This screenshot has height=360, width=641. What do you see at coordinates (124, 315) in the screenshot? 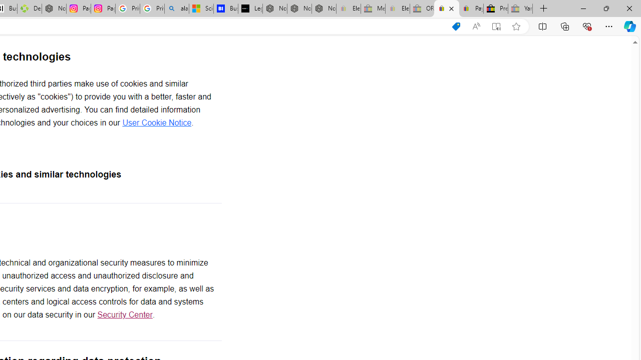
I see `'Security Center - opens in new window or tab'` at bounding box center [124, 315].